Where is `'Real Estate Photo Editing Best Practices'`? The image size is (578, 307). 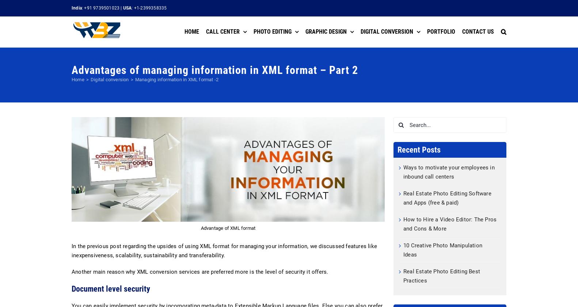 'Real Estate Photo Editing Best Practices' is located at coordinates (403, 276).